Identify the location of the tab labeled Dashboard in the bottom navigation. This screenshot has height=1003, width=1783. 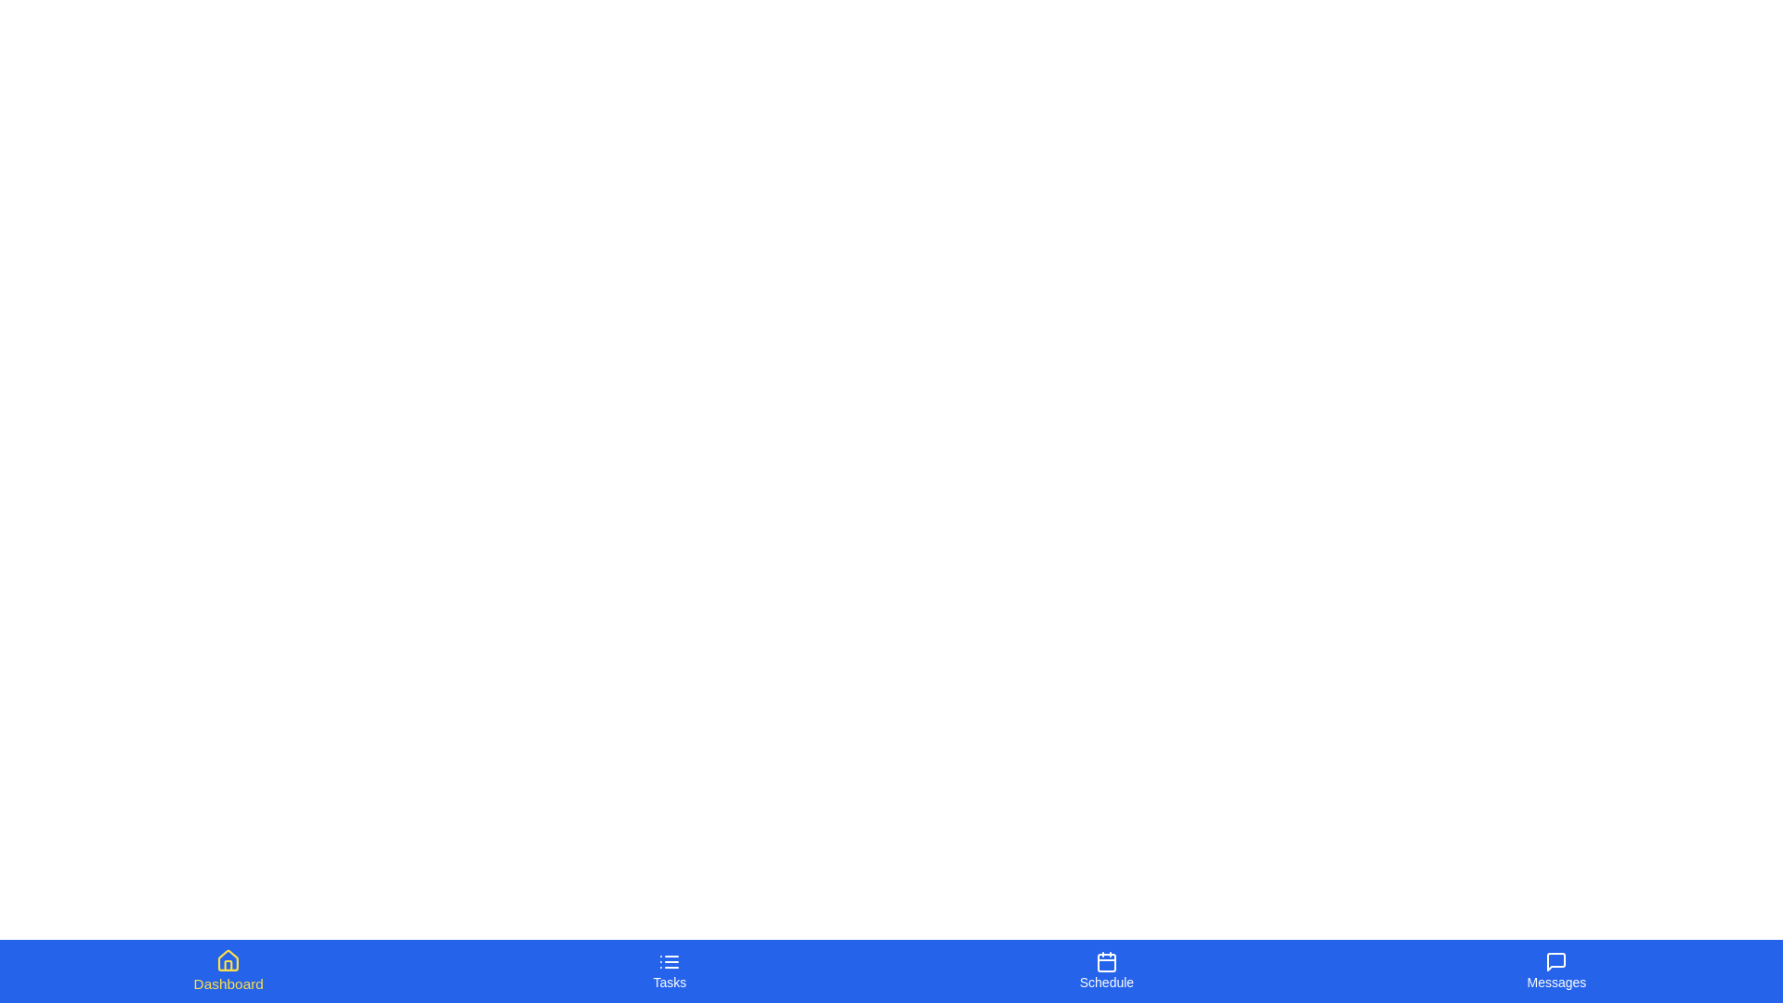
(226, 970).